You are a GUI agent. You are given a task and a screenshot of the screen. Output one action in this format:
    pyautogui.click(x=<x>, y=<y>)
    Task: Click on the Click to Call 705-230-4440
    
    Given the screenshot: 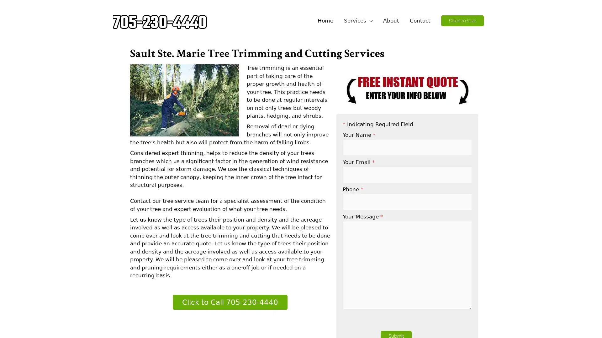 What is the action you would take?
    pyautogui.click(x=230, y=302)
    